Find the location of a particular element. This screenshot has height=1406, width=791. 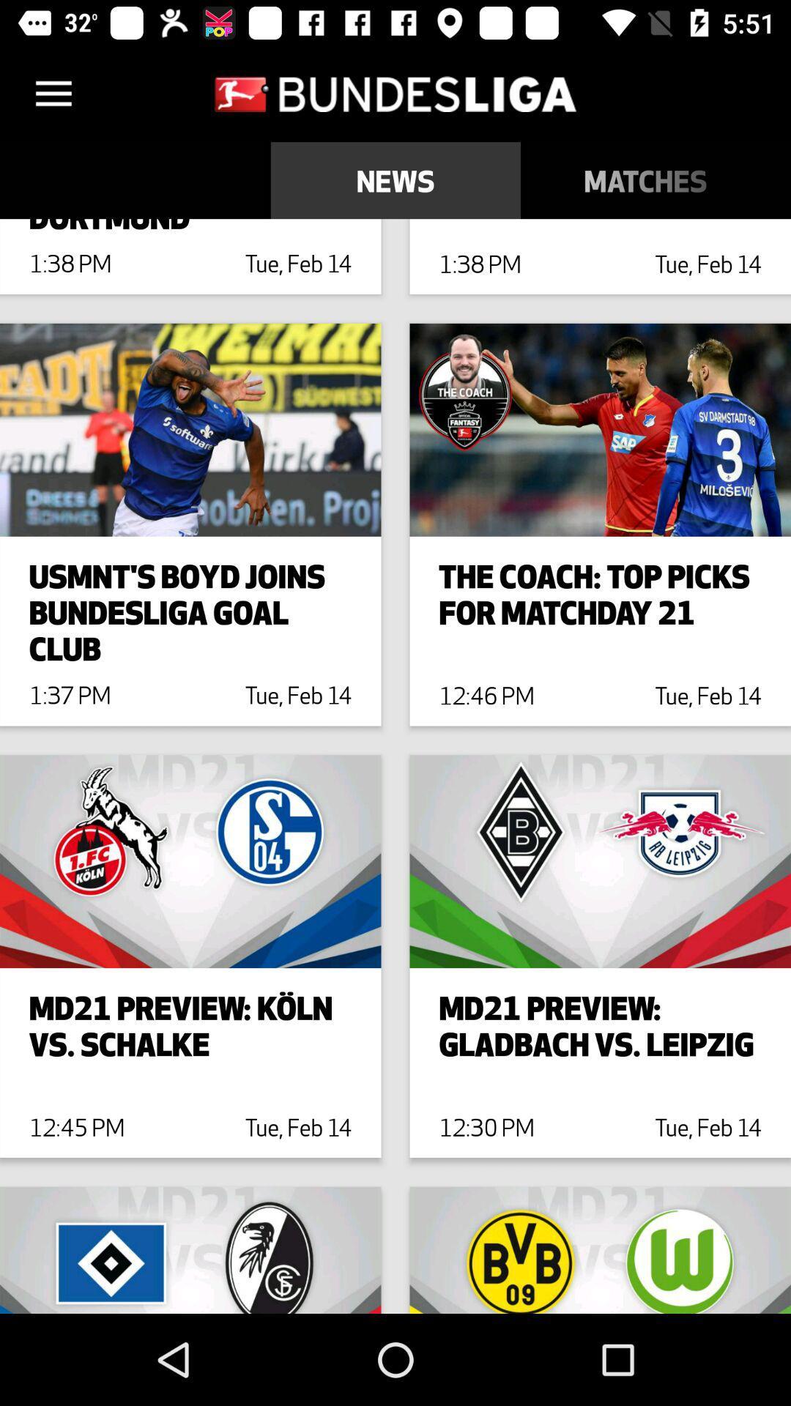

news is located at coordinates (395, 179).